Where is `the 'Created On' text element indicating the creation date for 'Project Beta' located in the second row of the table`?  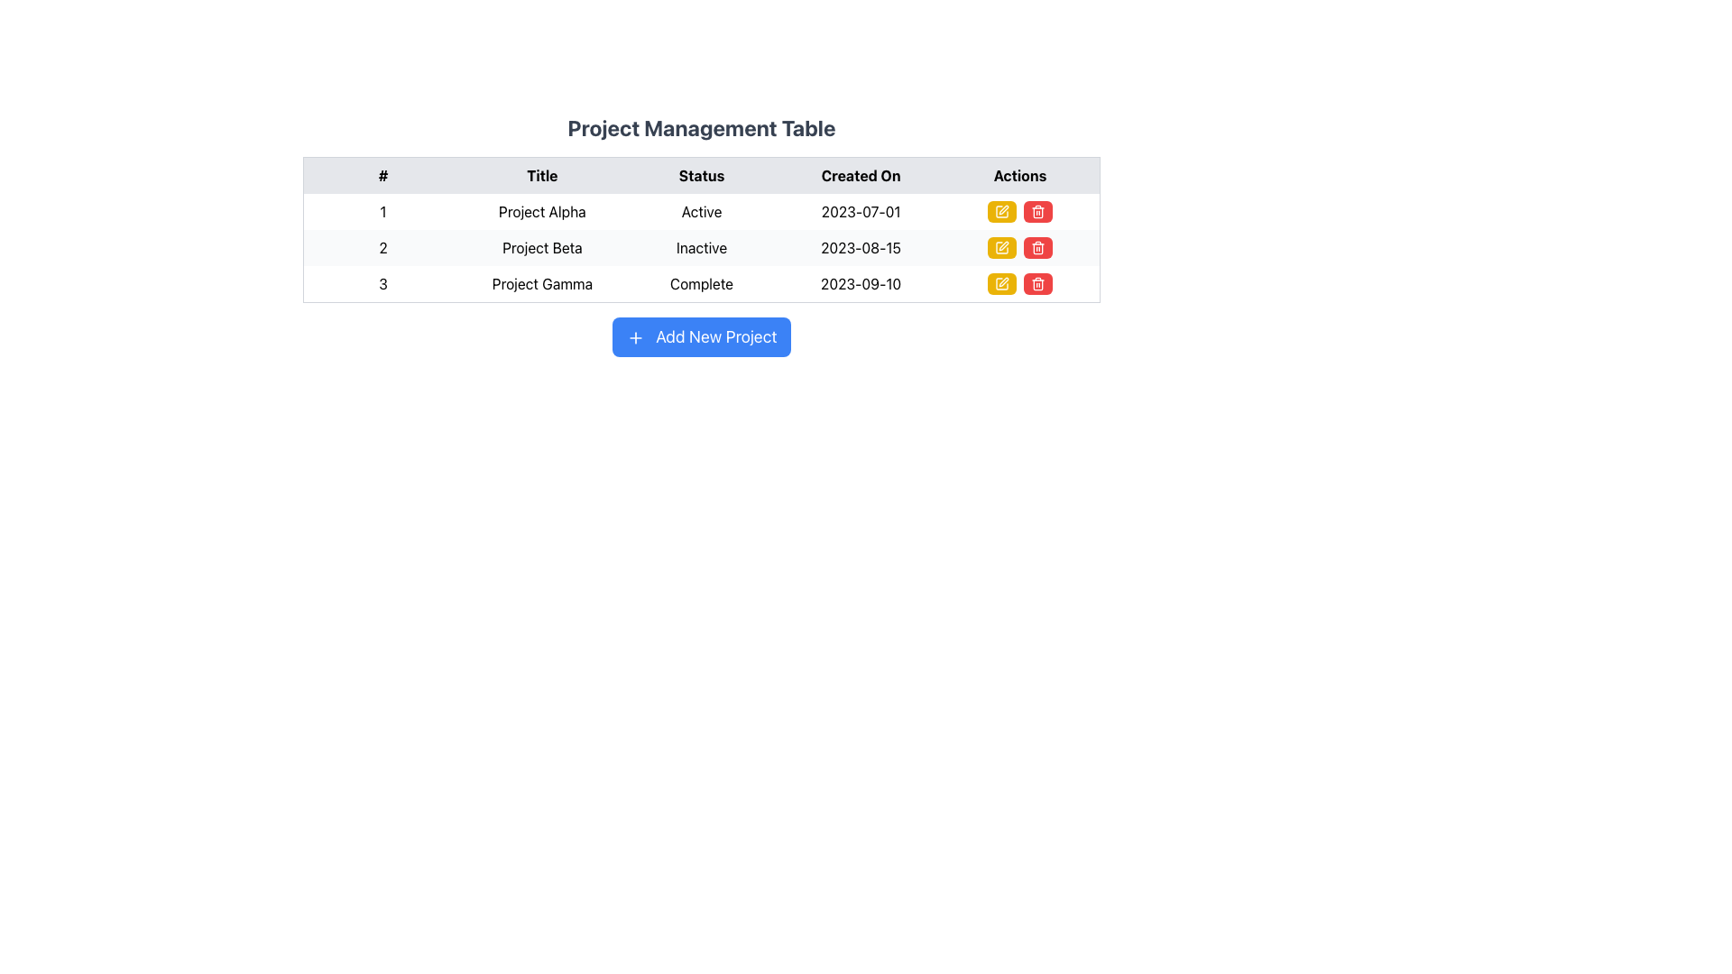 the 'Created On' text element indicating the creation date for 'Project Beta' located in the second row of the table is located at coordinates (860, 247).